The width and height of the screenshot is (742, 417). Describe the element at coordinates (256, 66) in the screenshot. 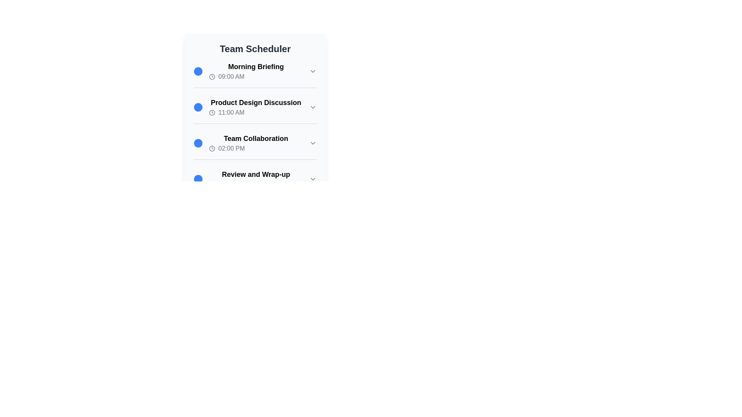

I see `text element displaying 'Morning Briefing' which is the first item in the schedule list and prominently placed at the top of the agenda` at that location.